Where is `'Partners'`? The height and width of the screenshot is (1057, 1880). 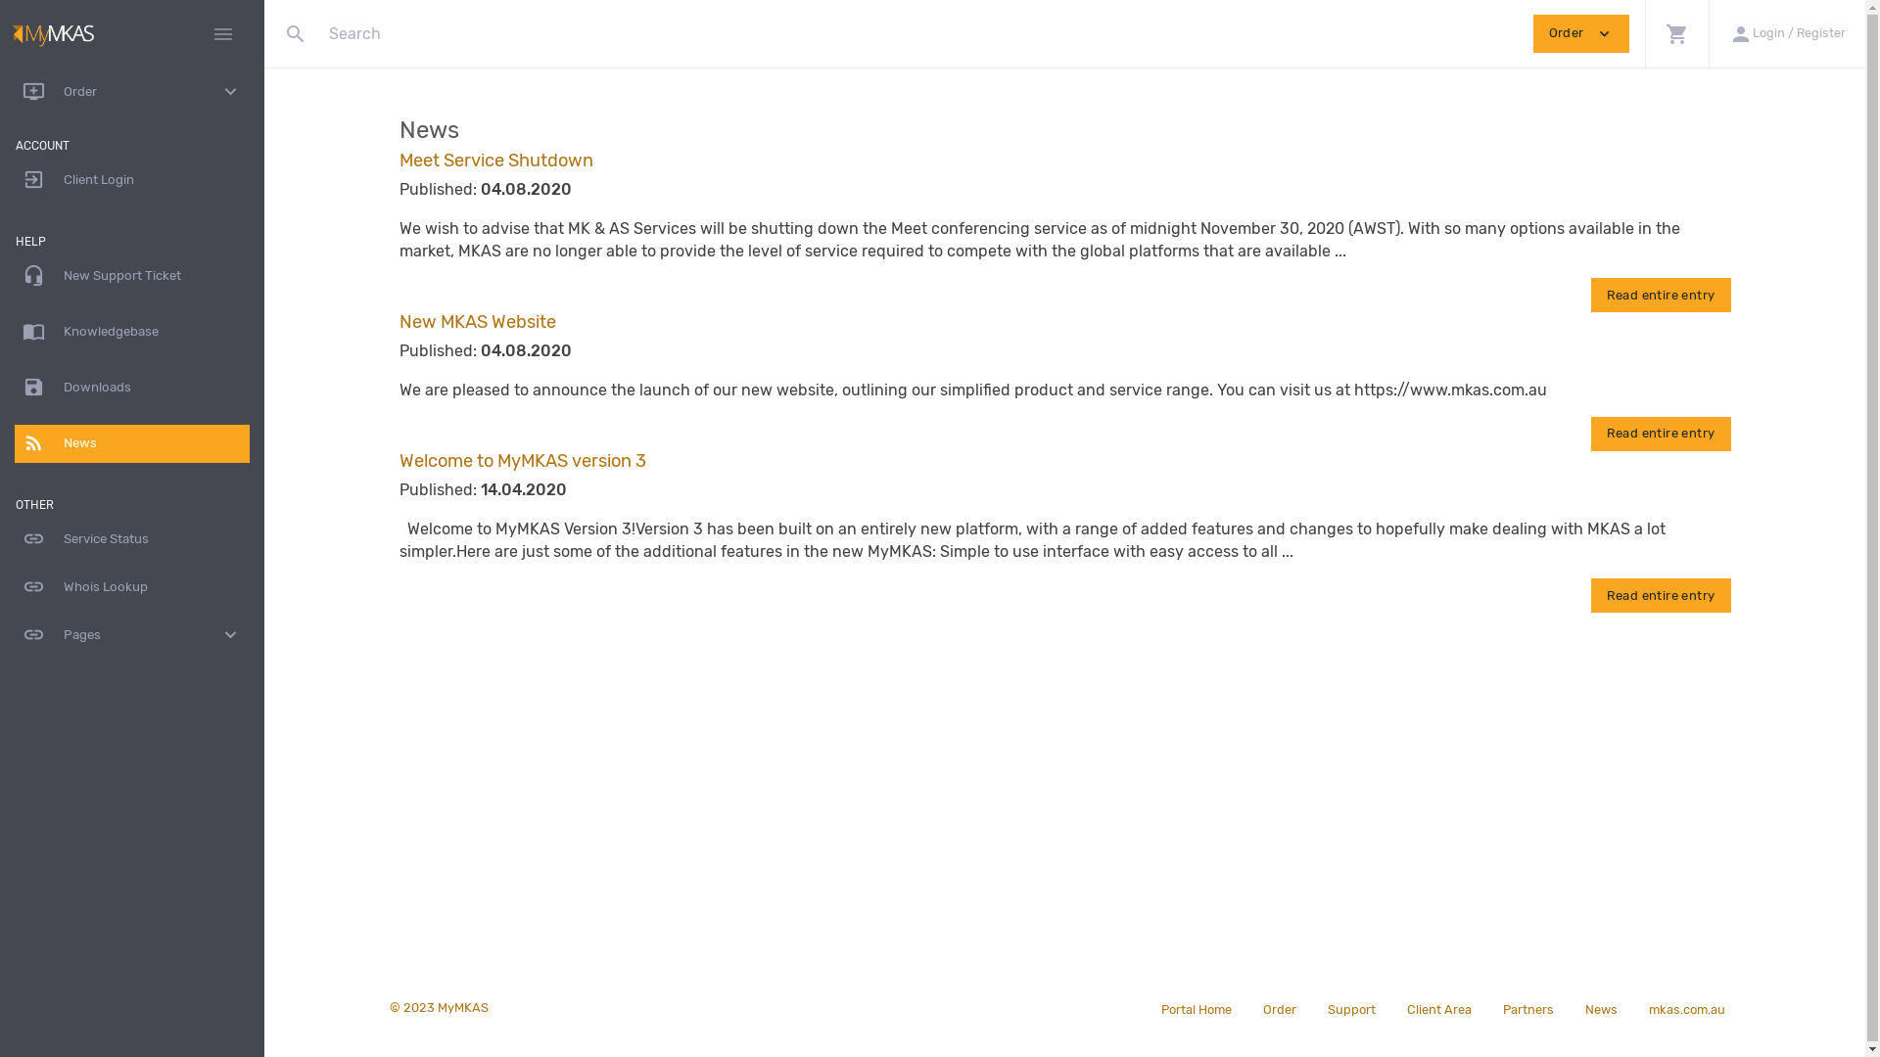 'Partners' is located at coordinates (1527, 1008).